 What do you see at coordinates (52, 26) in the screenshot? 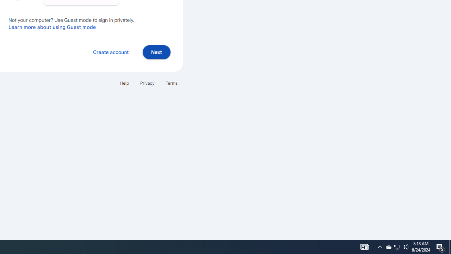
I see `'Learn more about using Guest mode'` at bounding box center [52, 26].